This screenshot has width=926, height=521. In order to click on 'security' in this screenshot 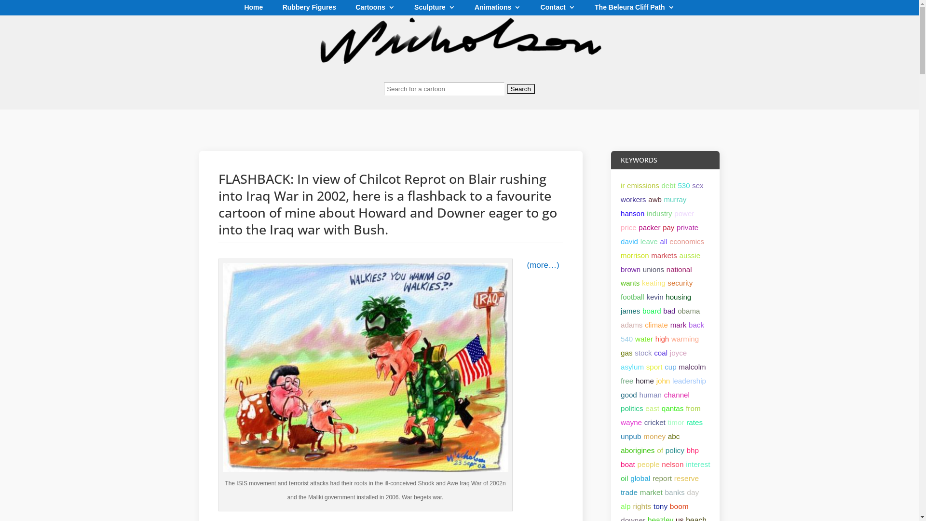, I will do `click(680, 282)`.